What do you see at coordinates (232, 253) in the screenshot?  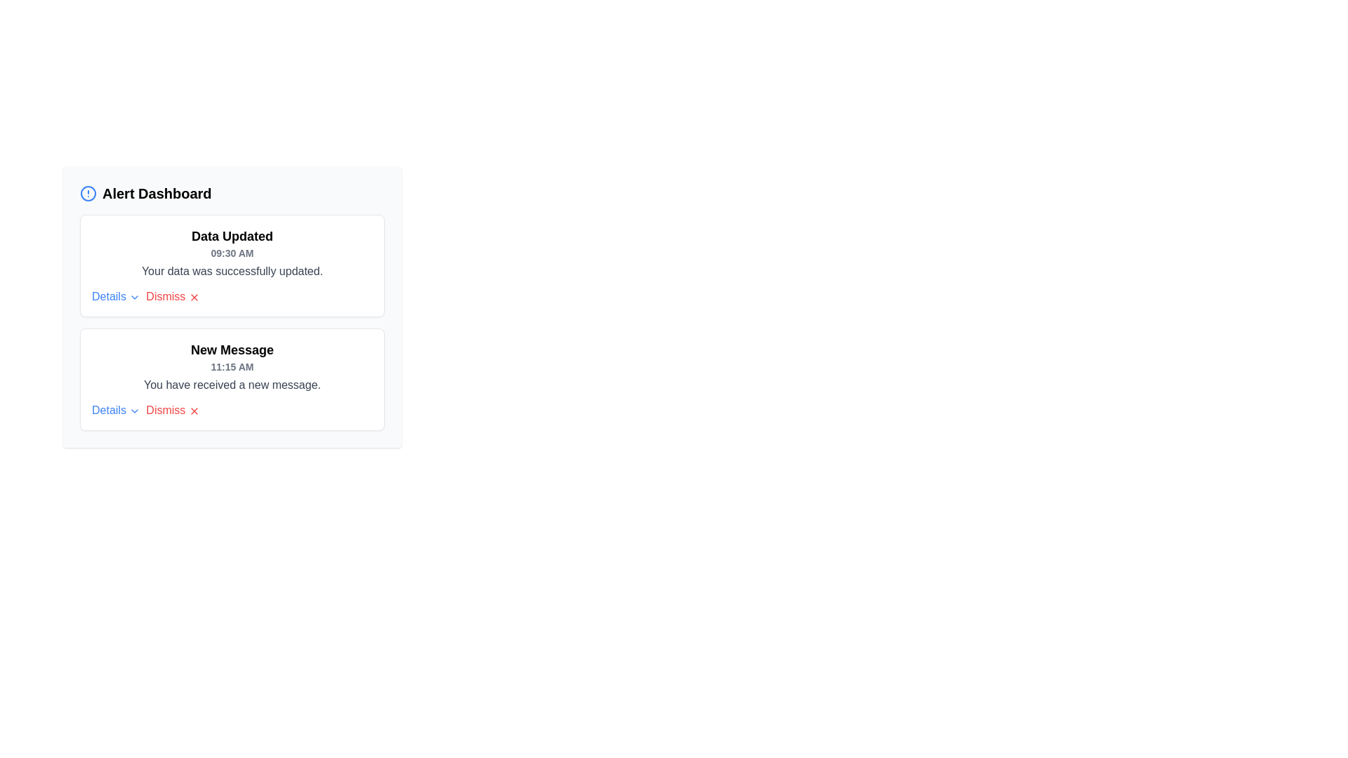 I see `the text '09:30 AM' which is displayed in a smaller, gray font located below the 'Data Updated' heading` at bounding box center [232, 253].